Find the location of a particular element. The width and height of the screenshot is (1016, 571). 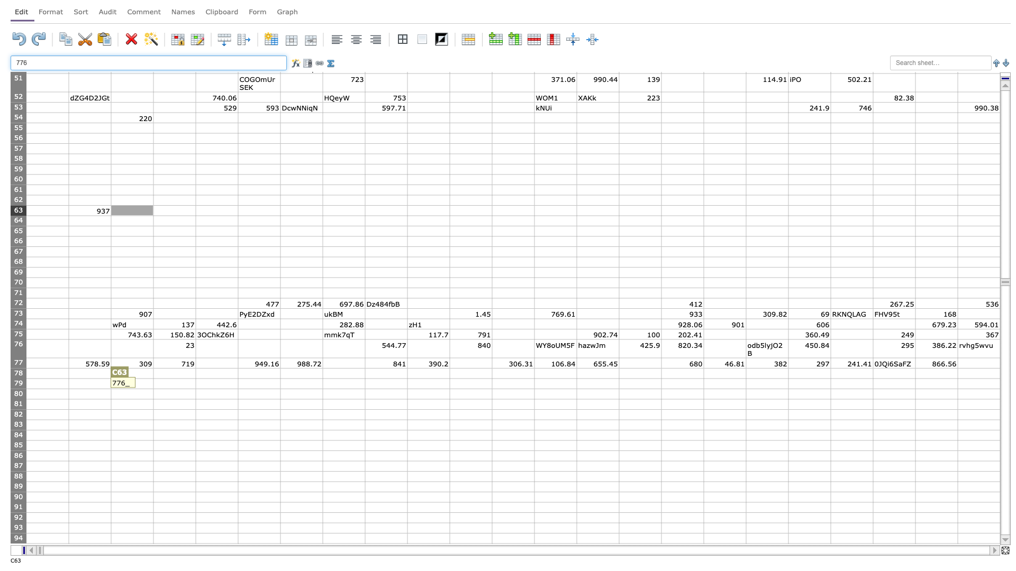

top left corner of D79 is located at coordinates (152, 378).